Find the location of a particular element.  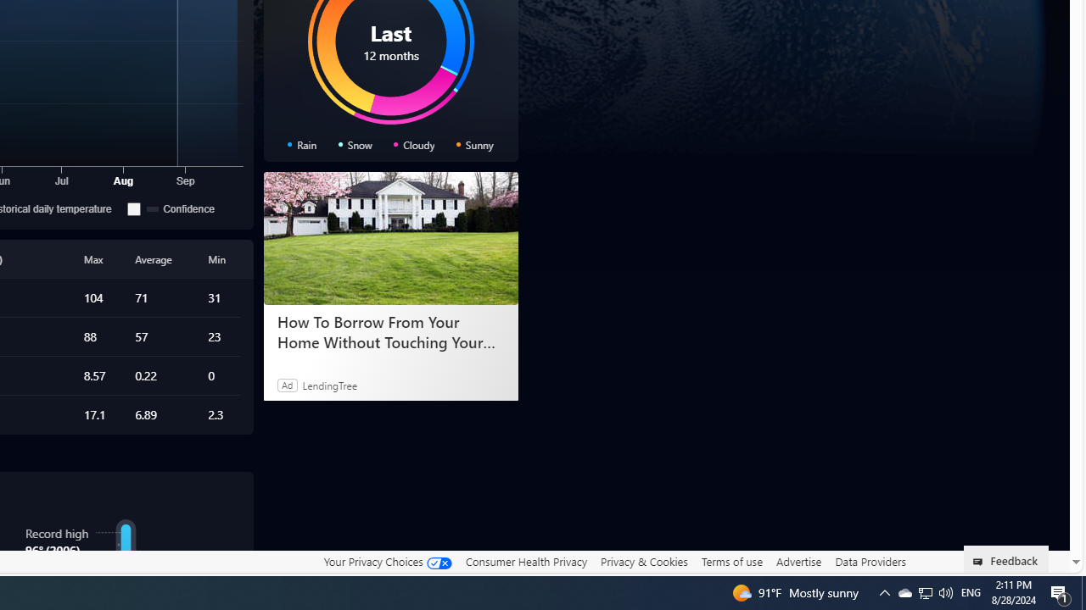

'Privacy & Cookies' is located at coordinates (643, 561).